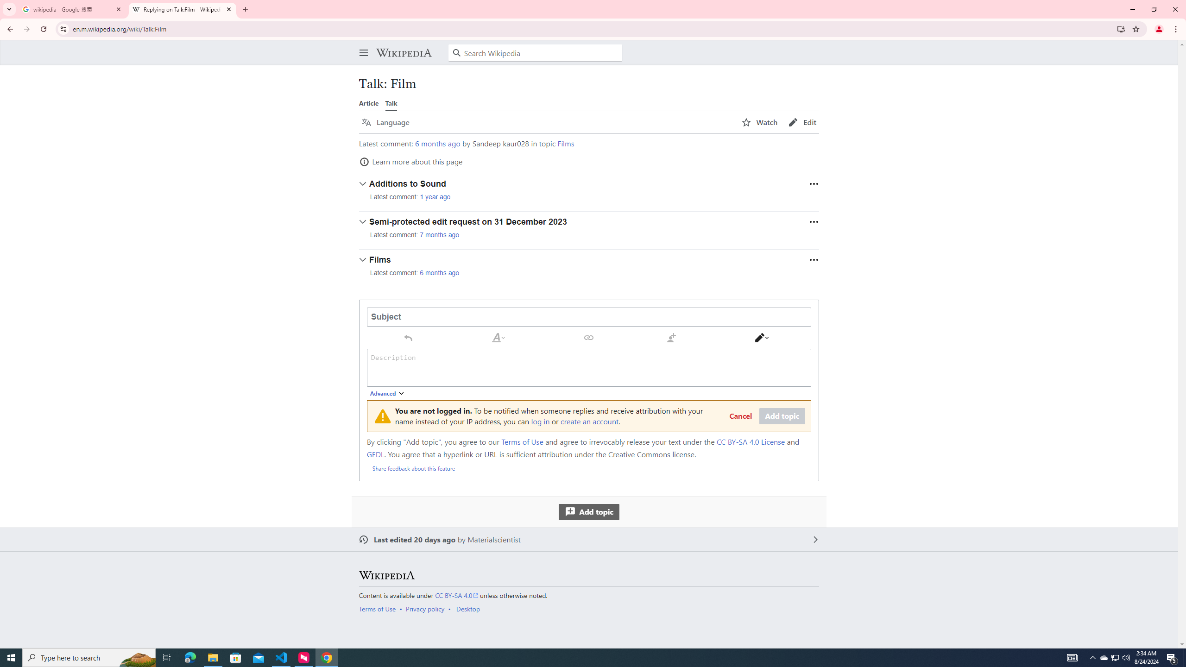  What do you see at coordinates (377, 608) in the screenshot?
I see `'Terms of Use'` at bounding box center [377, 608].